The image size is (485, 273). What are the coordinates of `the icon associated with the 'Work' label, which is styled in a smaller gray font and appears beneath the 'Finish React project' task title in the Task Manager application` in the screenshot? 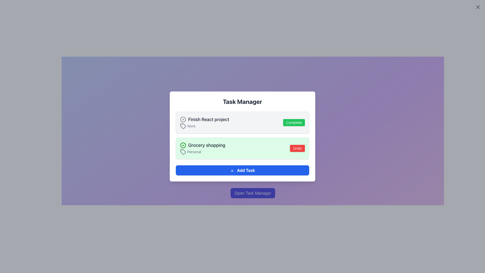 It's located at (205, 126).